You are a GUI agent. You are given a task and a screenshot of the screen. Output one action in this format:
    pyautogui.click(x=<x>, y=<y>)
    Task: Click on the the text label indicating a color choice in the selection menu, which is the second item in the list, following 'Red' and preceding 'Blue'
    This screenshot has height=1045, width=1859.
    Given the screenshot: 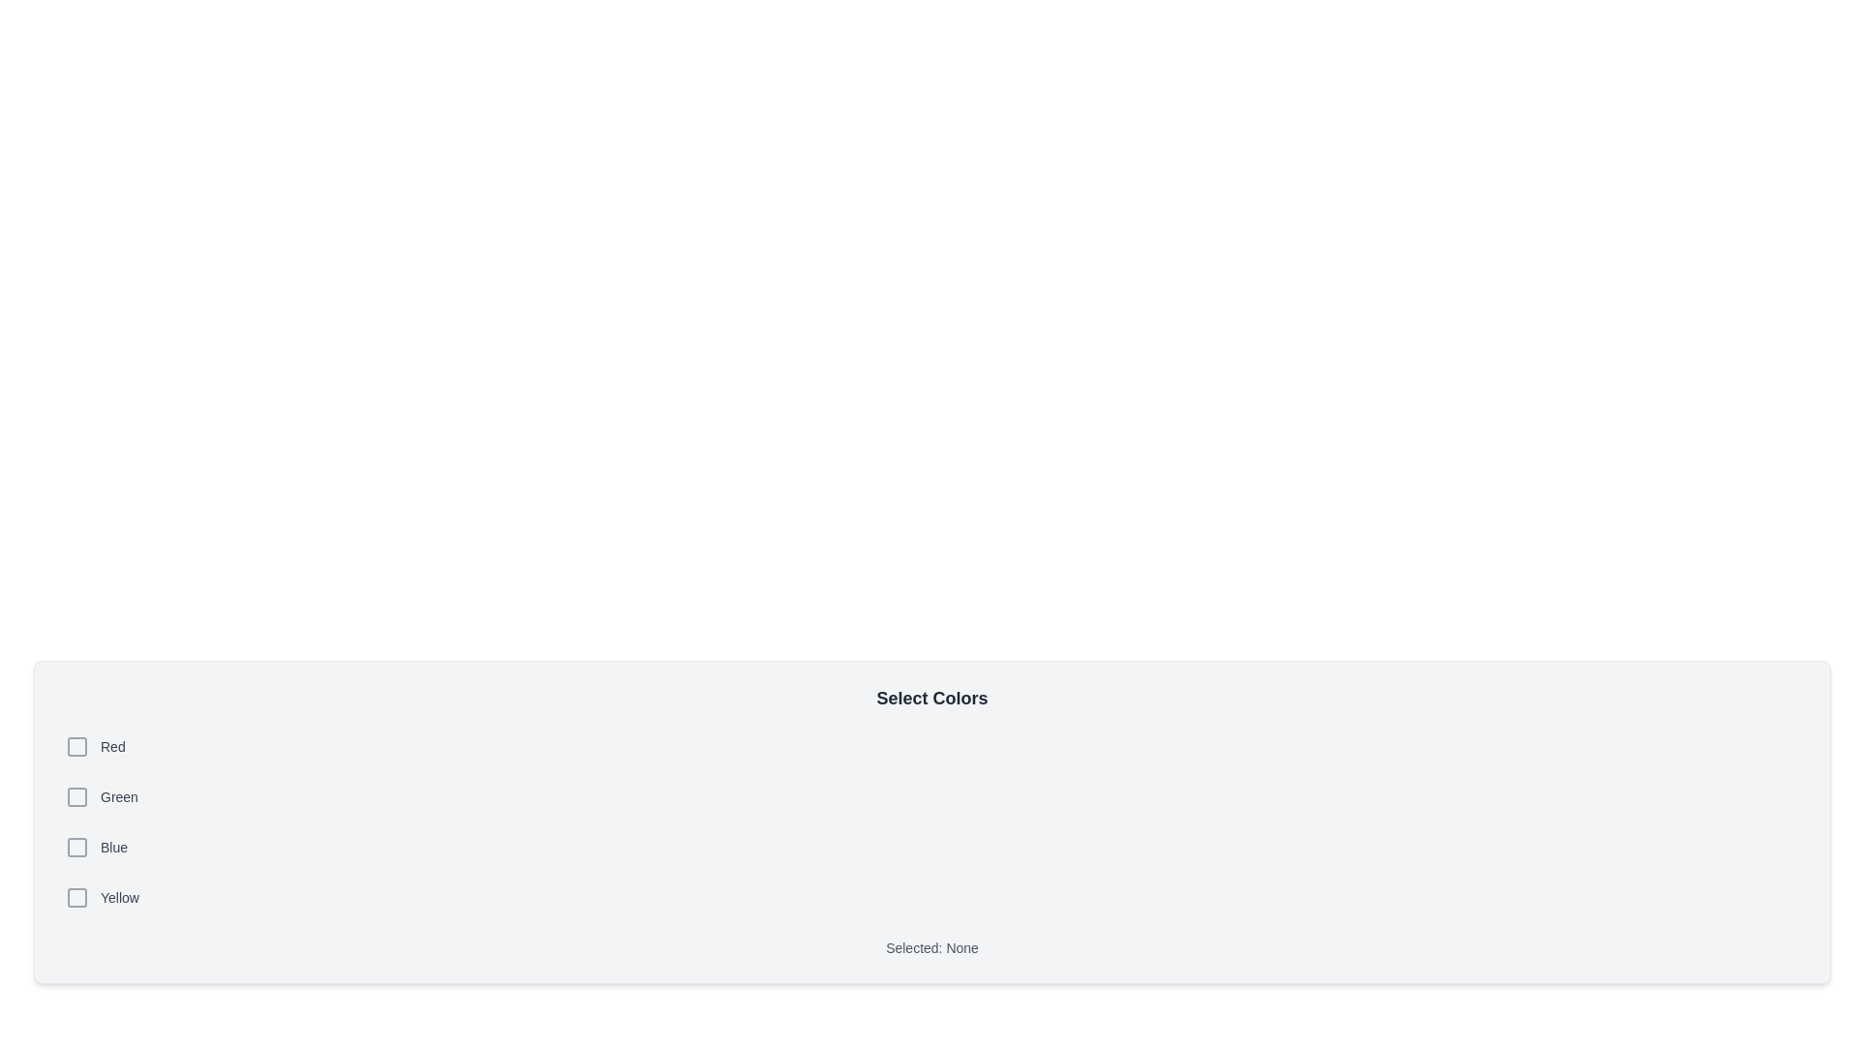 What is the action you would take?
    pyautogui.click(x=118, y=797)
    